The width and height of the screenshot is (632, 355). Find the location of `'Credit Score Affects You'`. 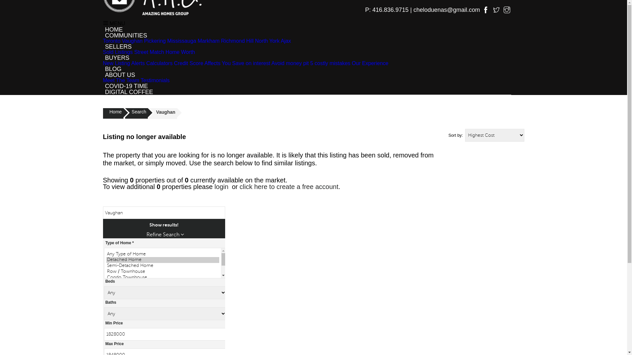

'Credit Score Affects You' is located at coordinates (202, 63).